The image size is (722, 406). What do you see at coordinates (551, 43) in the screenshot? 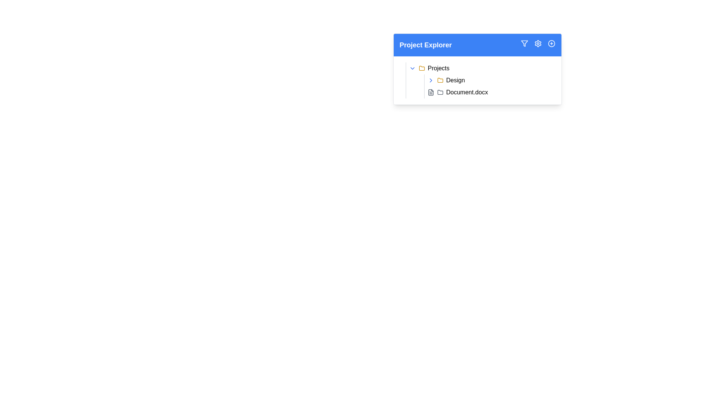
I see `the outer circle of the '+' icon in the 'Project Explorer' panel, located at the top-right corner next to the filter and settings icons` at bounding box center [551, 43].